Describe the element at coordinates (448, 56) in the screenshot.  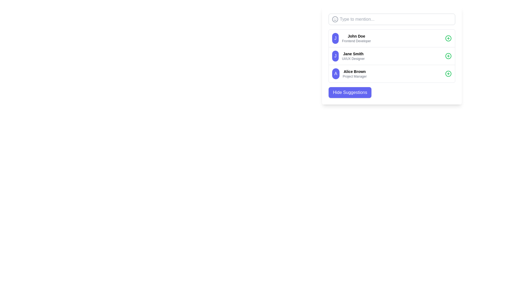
I see `the icon button located at the far right end of the row containing 'Jane Smith' and 'UI/UX Designer'` at that location.